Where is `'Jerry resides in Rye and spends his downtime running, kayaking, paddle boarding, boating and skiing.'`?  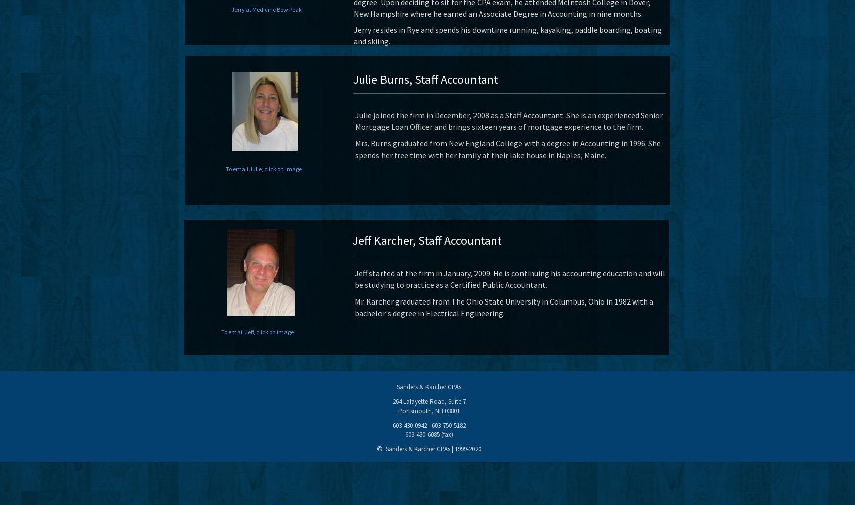 'Jerry resides in Rye and spends his downtime running, kayaking, paddle boarding, boating and skiing.' is located at coordinates (507, 35).